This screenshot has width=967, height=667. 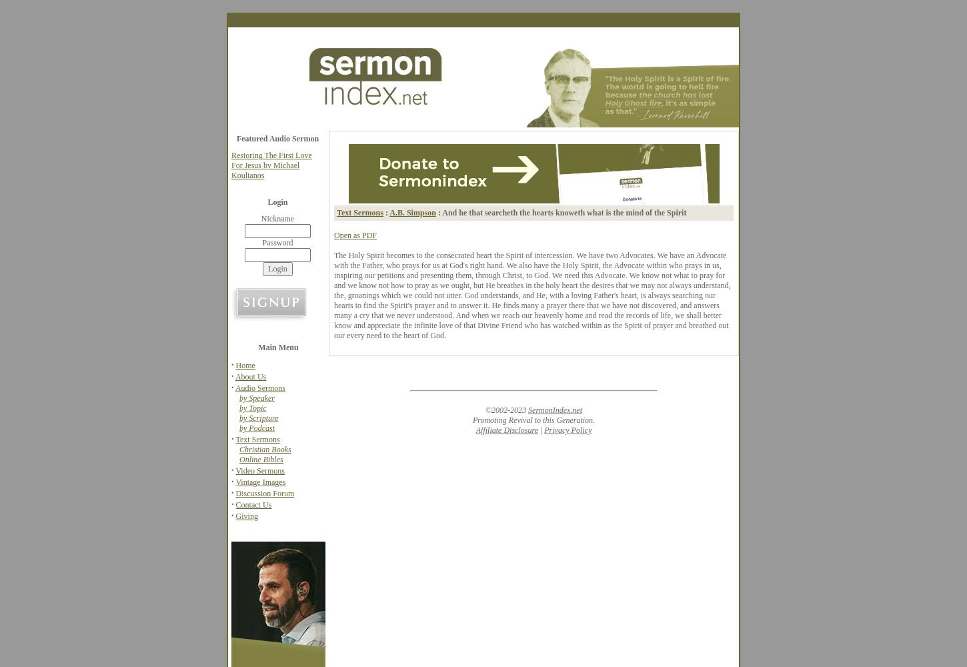 What do you see at coordinates (255, 398) in the screenshot?
I see `'by Speaker'` at bounding box center [255, 398].